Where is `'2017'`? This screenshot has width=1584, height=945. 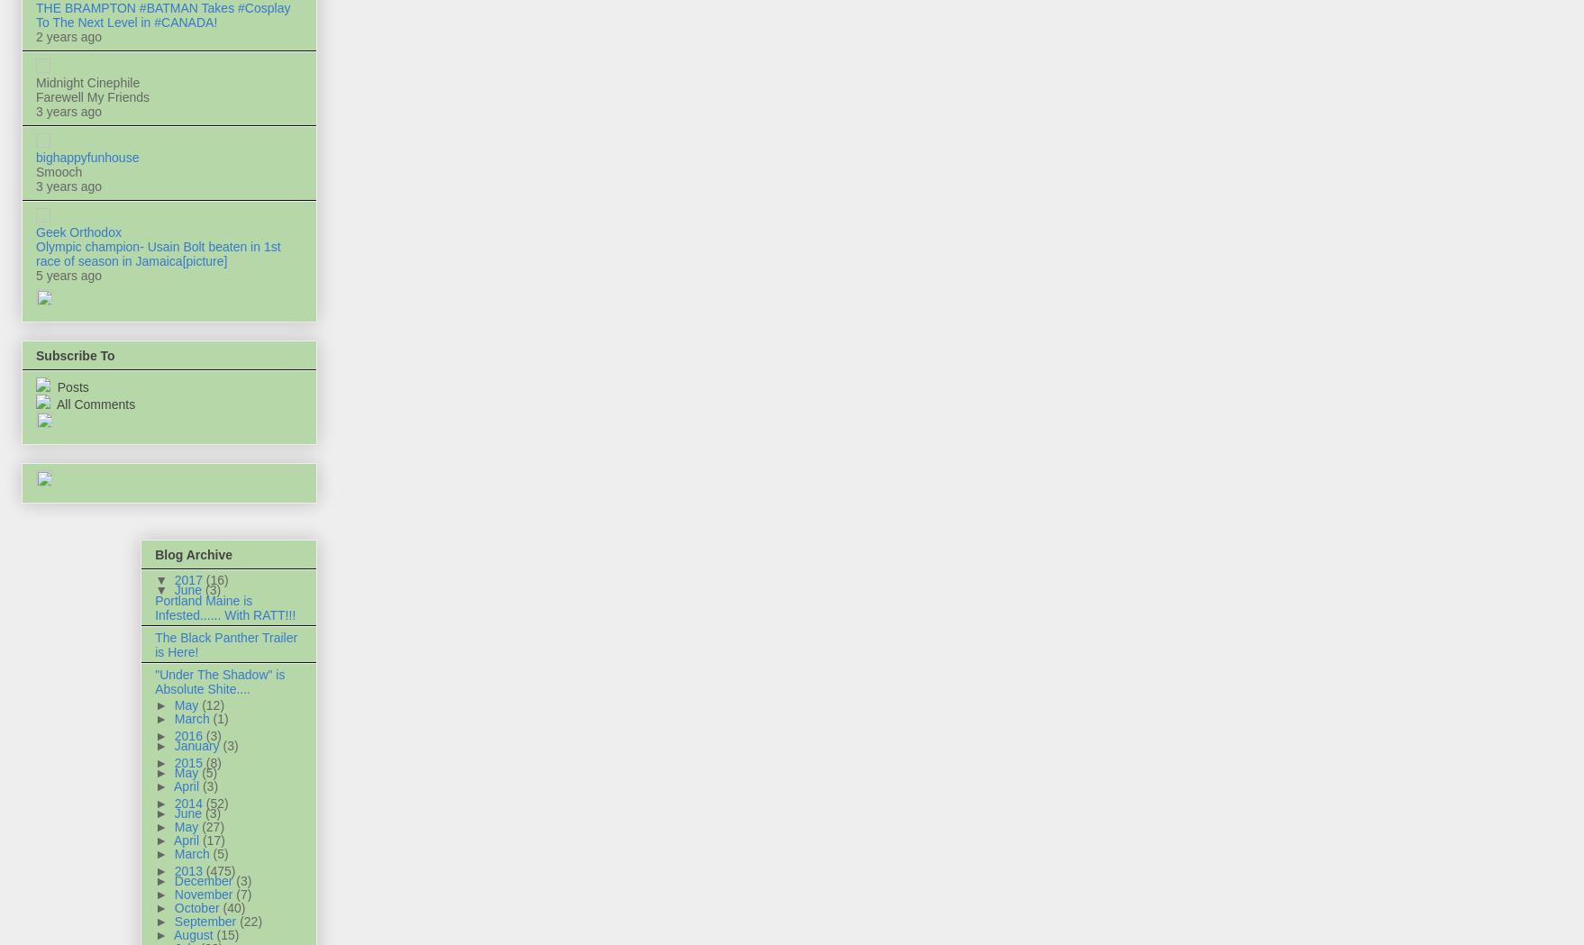
'2017' is located at coordinates (173, 579).